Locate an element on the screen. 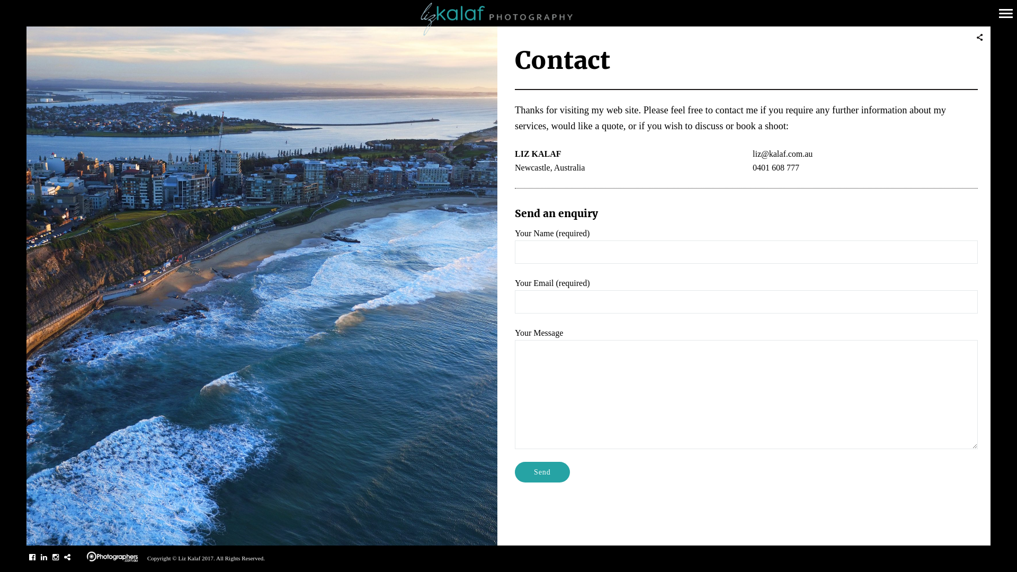 The height and width of the screenshot is (572, 1017). 'Houzz' is located at coordinates (66, 557).